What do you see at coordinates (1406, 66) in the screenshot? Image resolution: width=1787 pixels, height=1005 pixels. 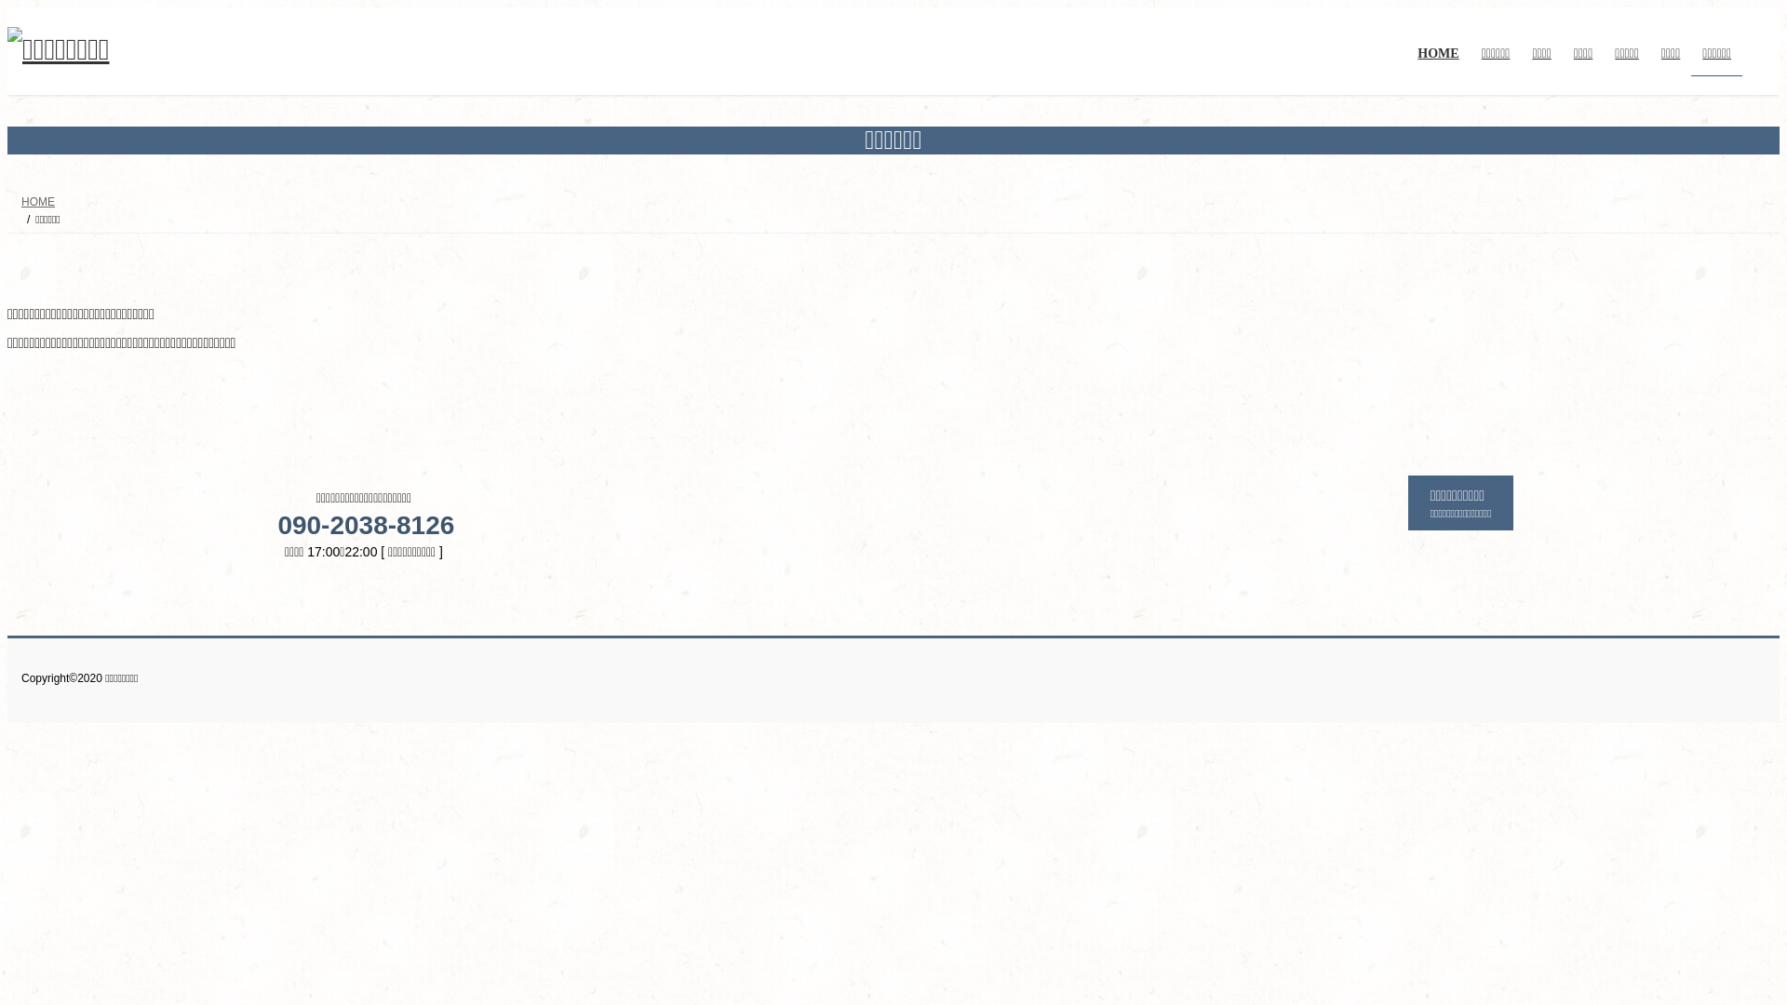 I see `'HOME'` at bounding box center [1406, 66].